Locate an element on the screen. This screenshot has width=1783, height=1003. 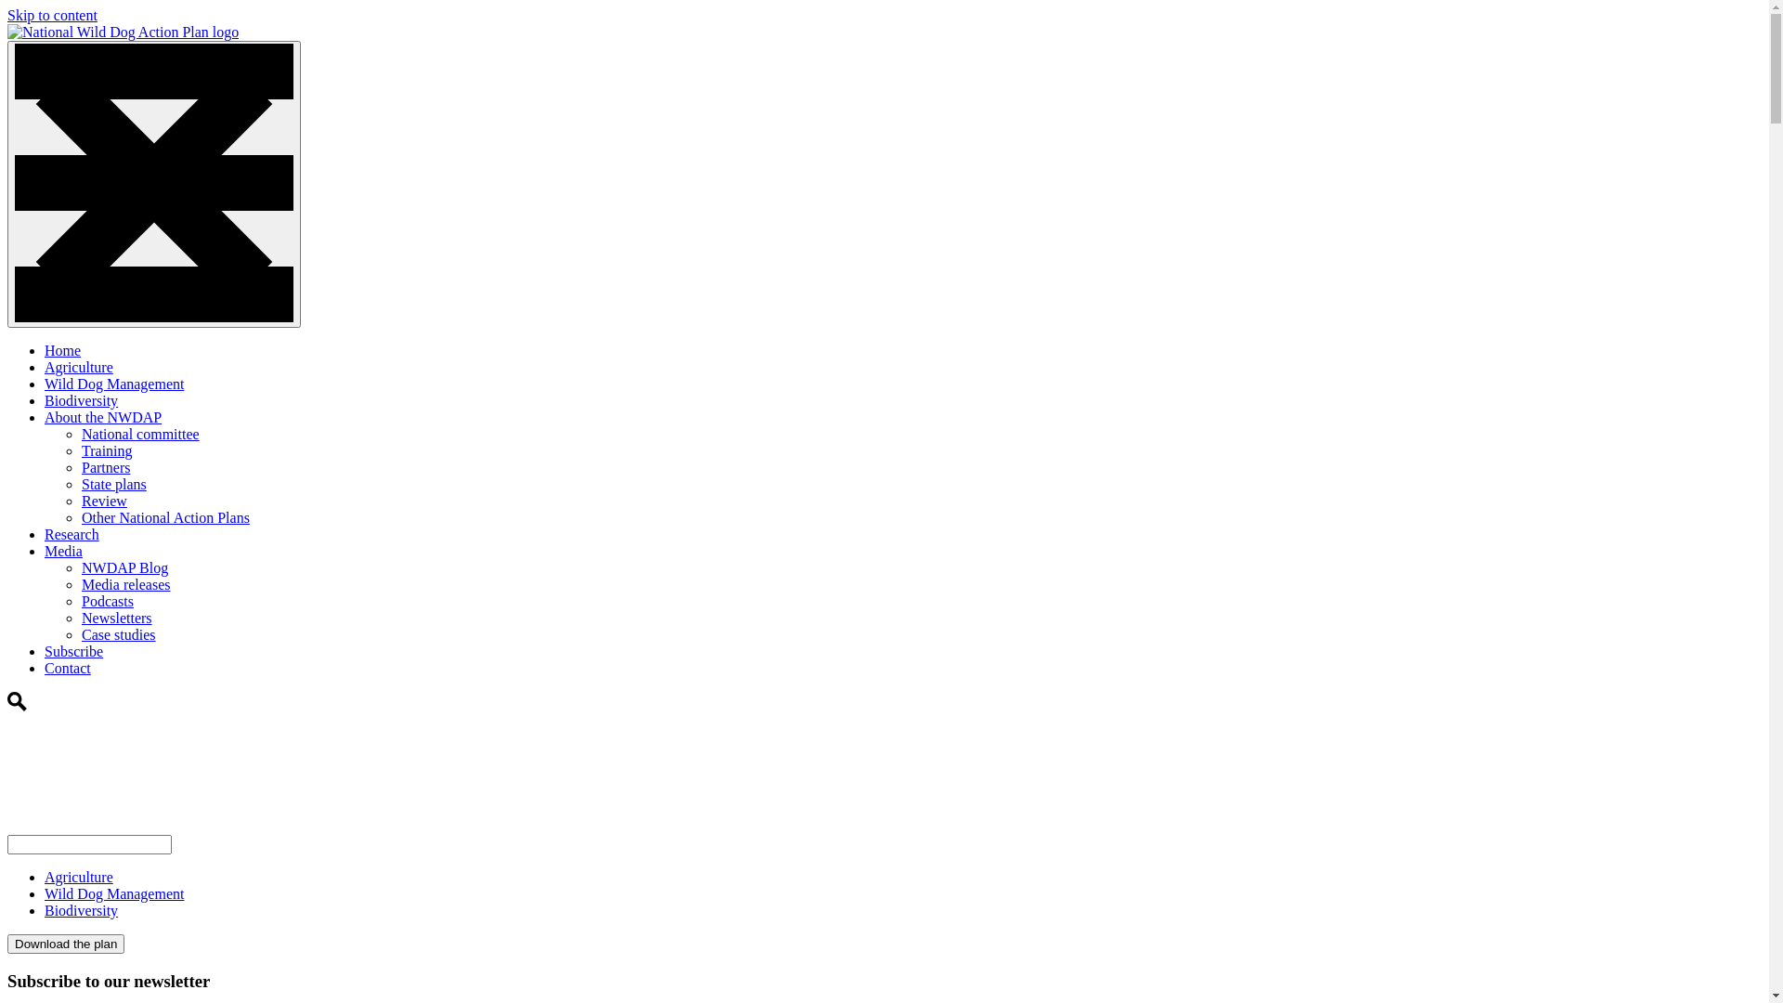
'About the NWDAP' is located at coordinates (101, 416).